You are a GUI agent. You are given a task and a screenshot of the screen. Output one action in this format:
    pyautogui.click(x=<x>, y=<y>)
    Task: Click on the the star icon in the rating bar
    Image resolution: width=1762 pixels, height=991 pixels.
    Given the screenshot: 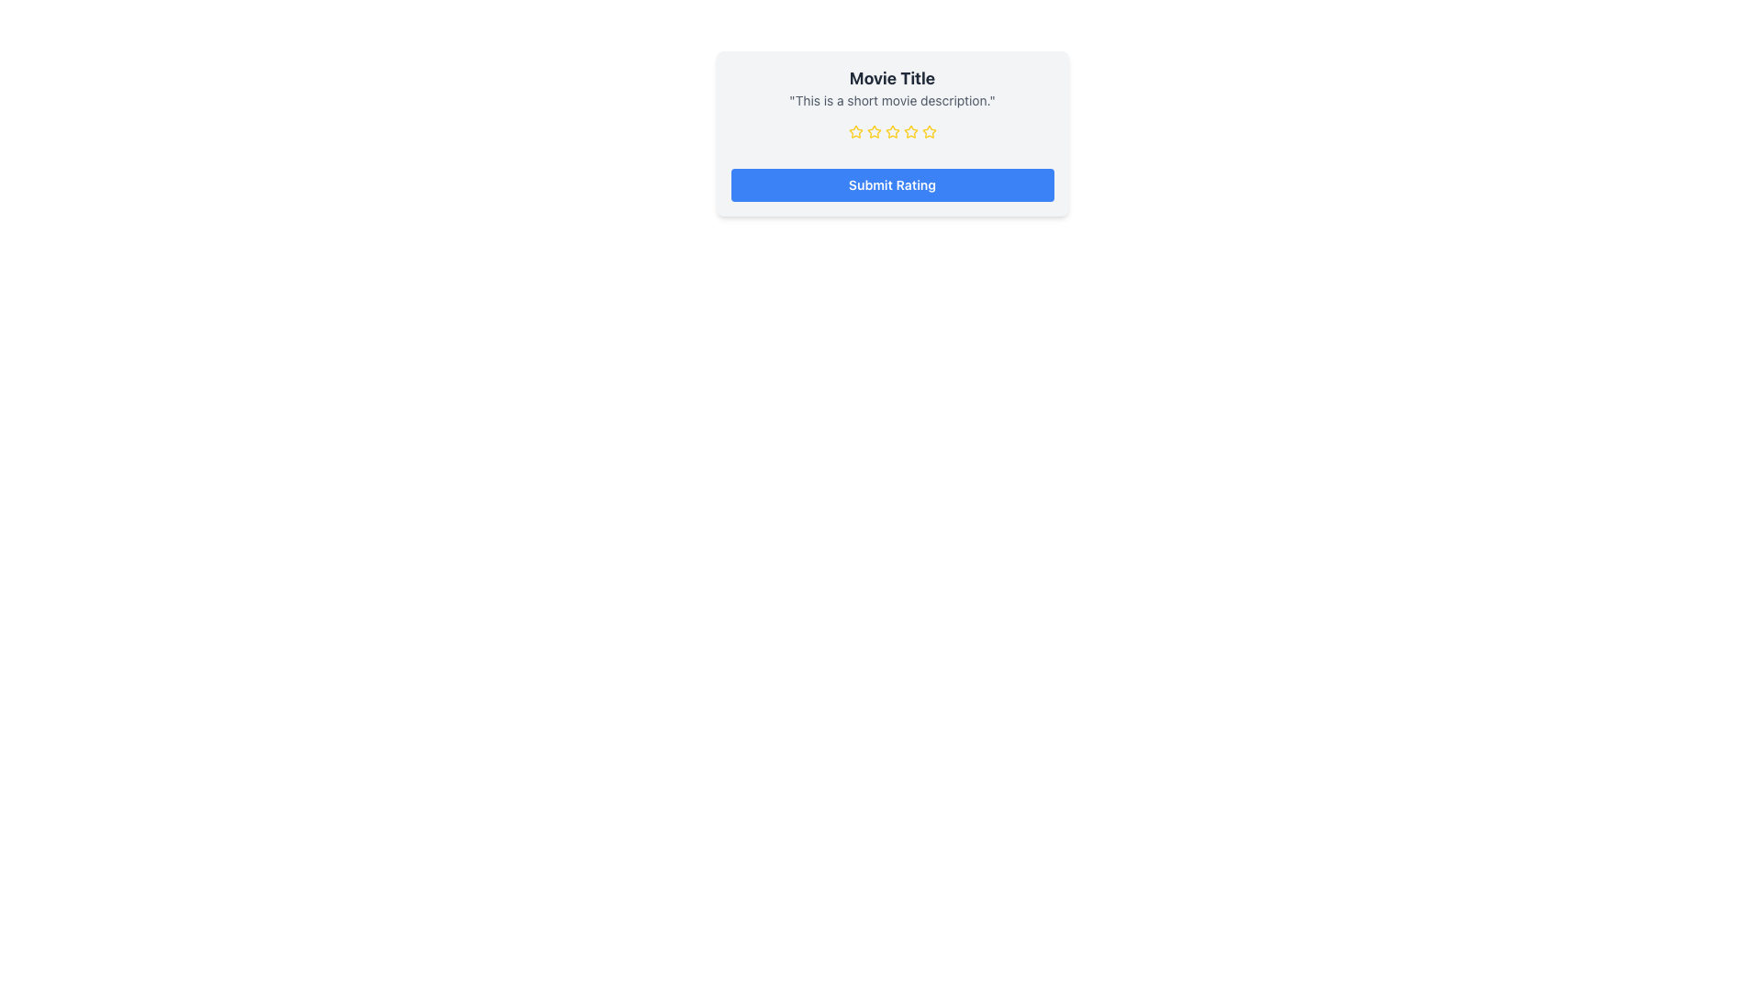 What is the action you would take?
    pyautogui.click(x=892, y=130)
    